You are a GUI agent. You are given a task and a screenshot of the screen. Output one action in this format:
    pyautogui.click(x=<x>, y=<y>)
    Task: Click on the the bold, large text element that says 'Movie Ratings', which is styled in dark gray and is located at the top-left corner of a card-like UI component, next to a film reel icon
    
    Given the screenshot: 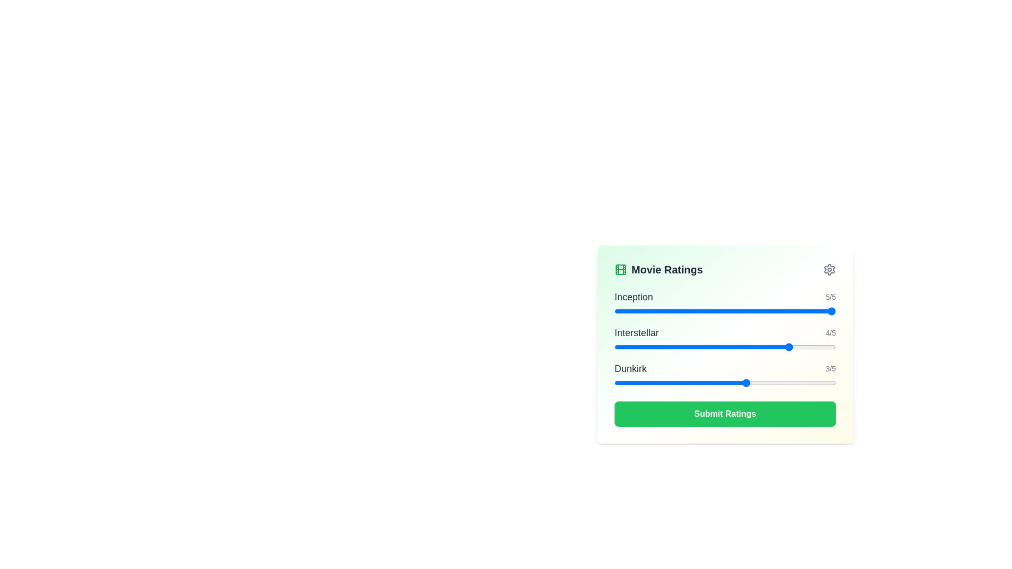 What is the action you would take?
    pyautogui.click(x=658, y=269)
    